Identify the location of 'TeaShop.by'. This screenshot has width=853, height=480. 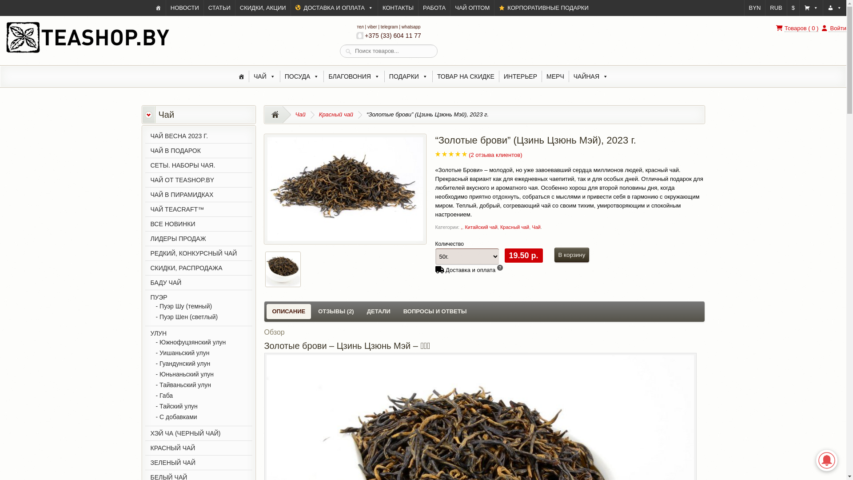
(87, 52).